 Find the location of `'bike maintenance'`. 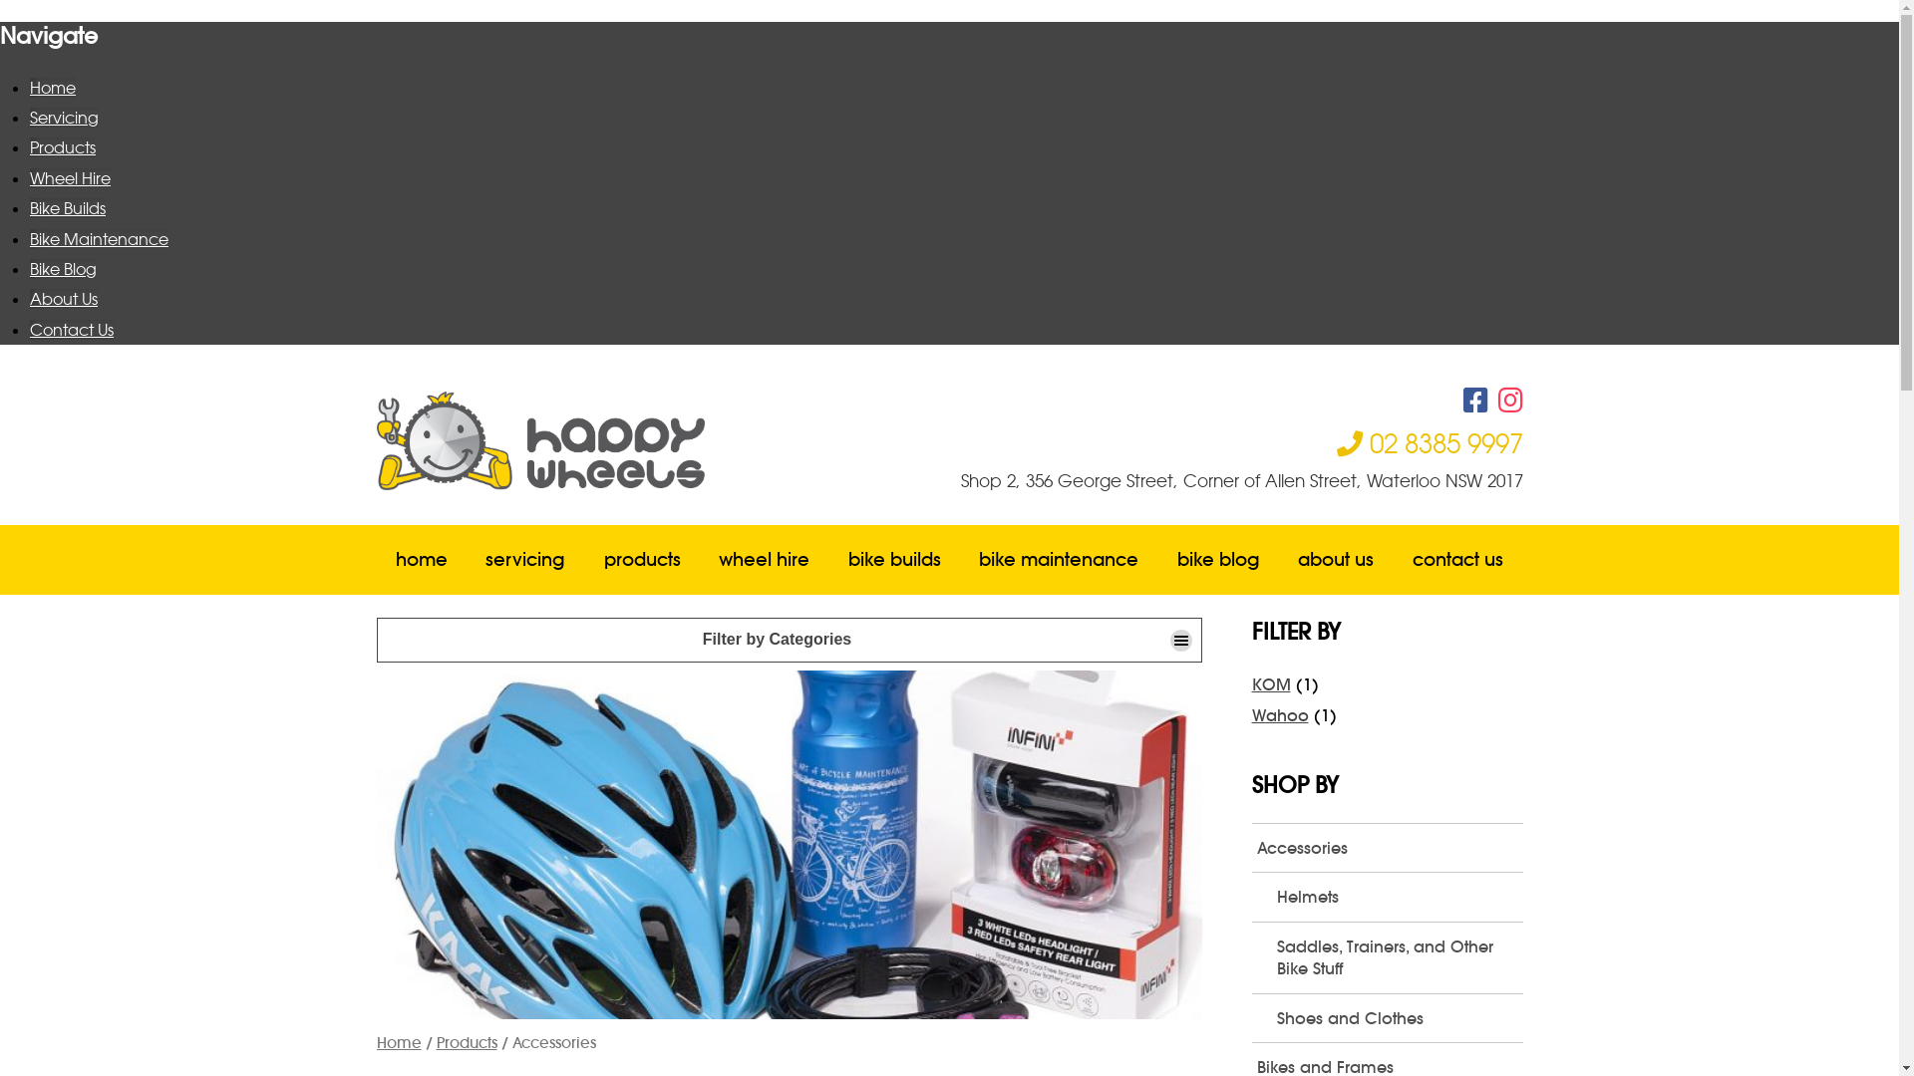

'bike maintenance' is located at coordinates (1058, 560).